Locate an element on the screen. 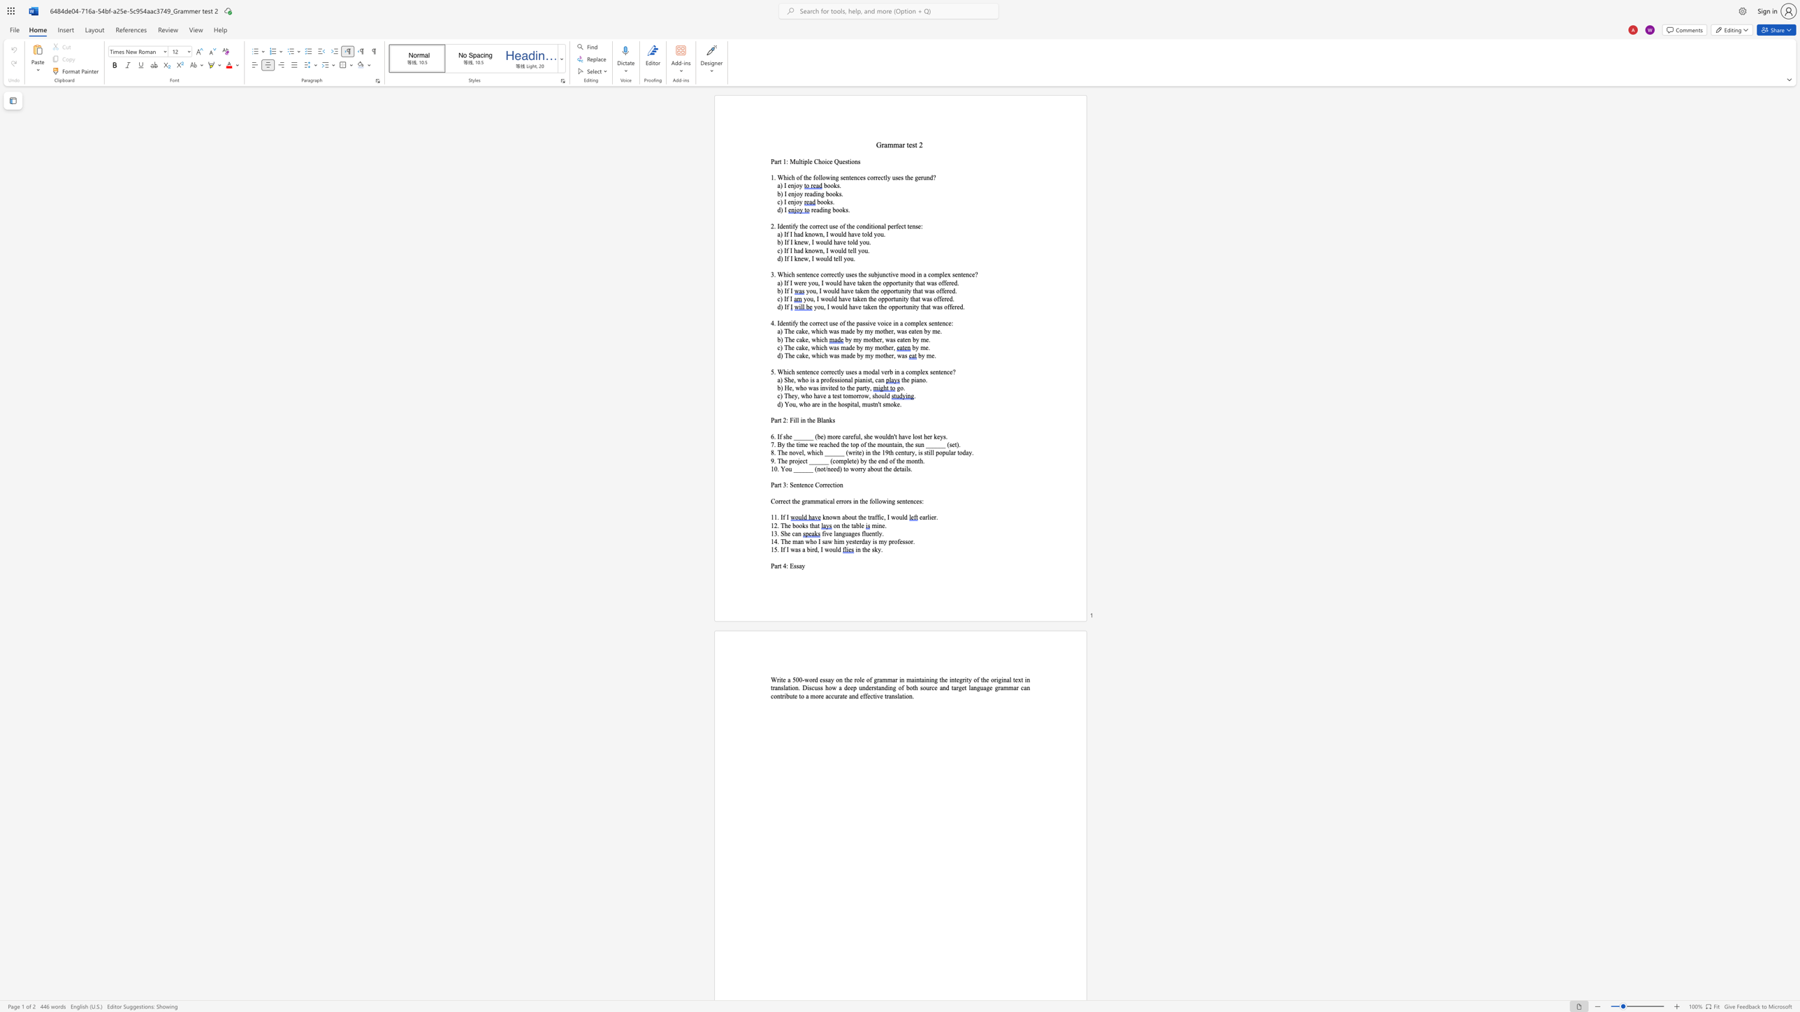  the subset text "ok" within the text "reading books." is located at coordinates (839, 210).